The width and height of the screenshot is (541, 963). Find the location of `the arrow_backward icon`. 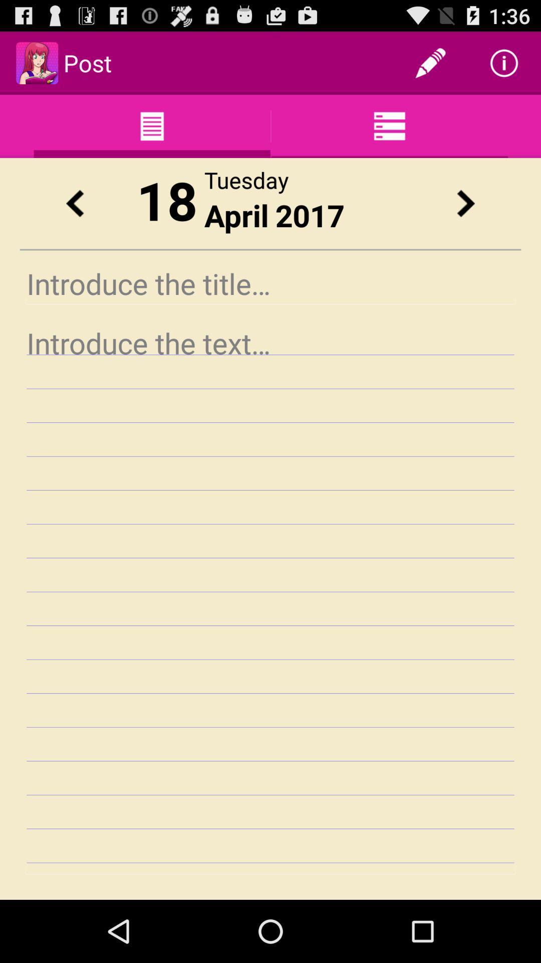

the arrow_backward icon is located at coordinates (74, 217).